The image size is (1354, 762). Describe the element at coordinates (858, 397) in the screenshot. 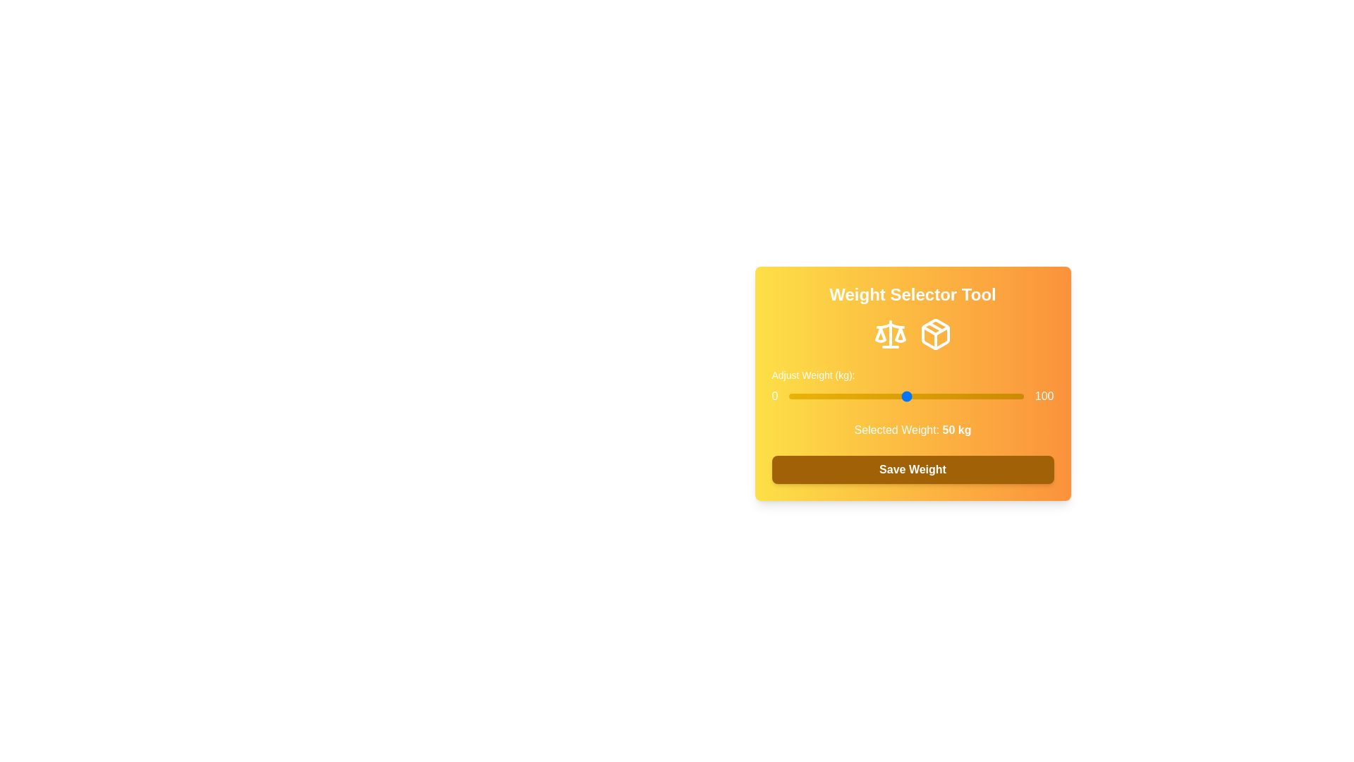

I see `the weight slider to 30 kg` at that location.